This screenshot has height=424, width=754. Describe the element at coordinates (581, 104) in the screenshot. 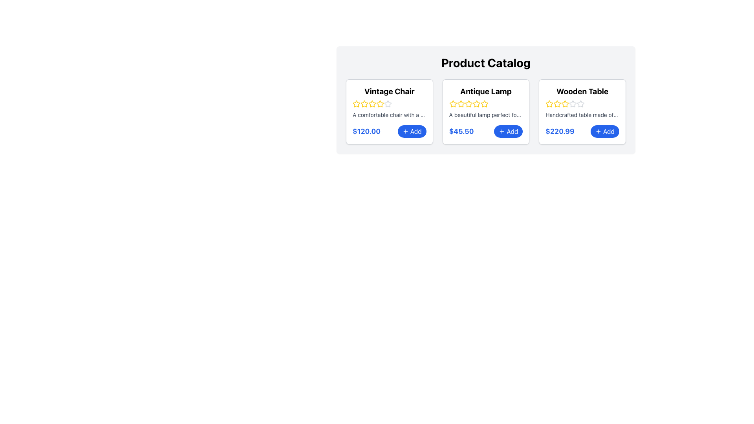

I see `the fifth star-shaped icon in the rating row under the 'Wooden Table' product card in the 'Product Catalog' section to update the rating` at that location.